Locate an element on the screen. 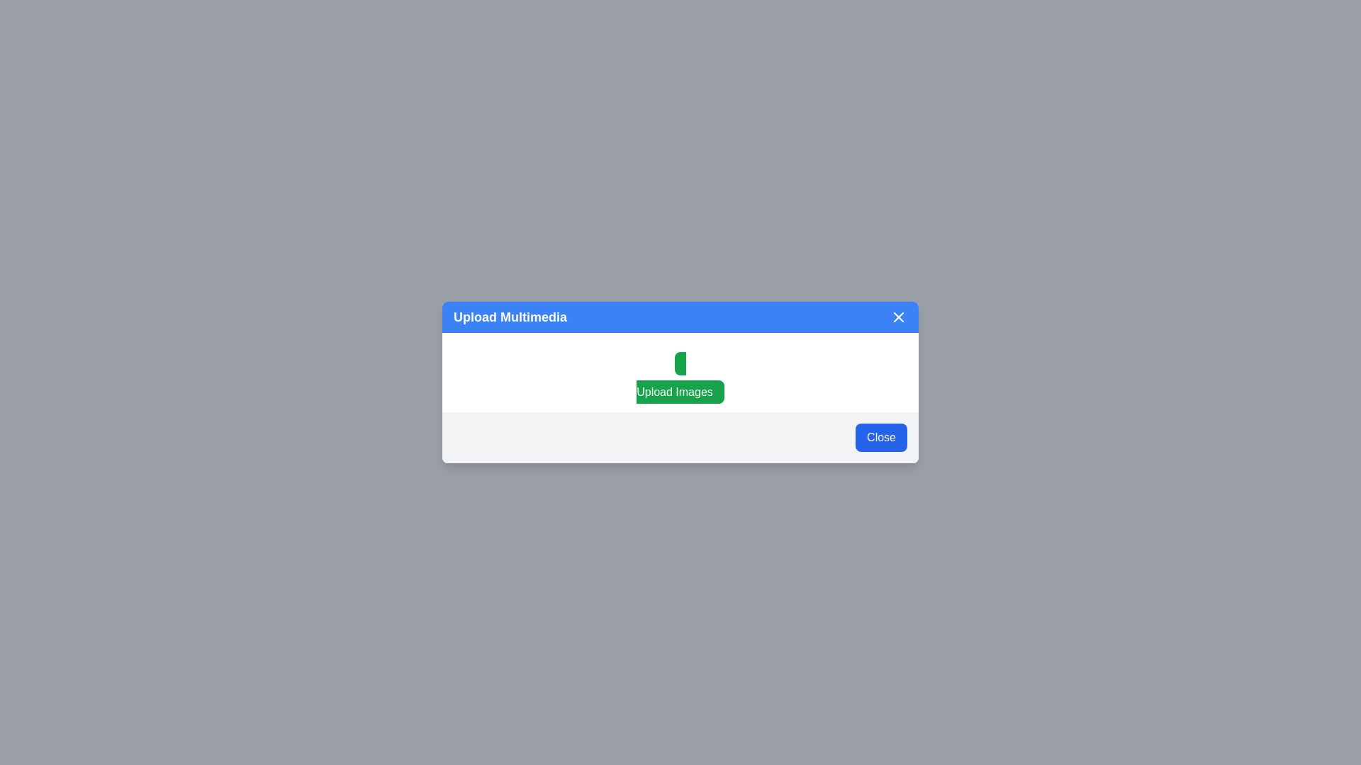 Image resolution: width=1361 pixels, height=765 pixels. the 'X' icon in the blue header area of the modal window is located at coordinates (897, 316).